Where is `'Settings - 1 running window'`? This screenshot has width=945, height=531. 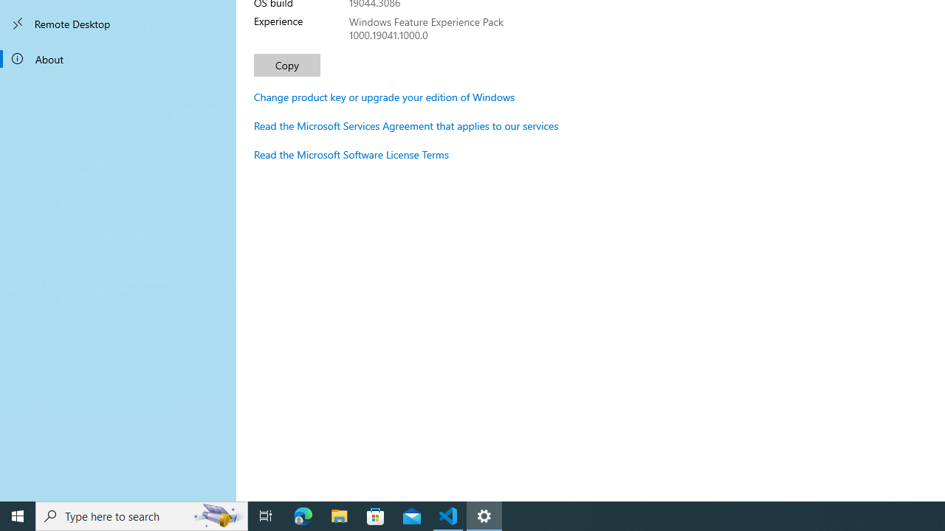
'Settings - 1 running window' is located at coordinates (484, 515).